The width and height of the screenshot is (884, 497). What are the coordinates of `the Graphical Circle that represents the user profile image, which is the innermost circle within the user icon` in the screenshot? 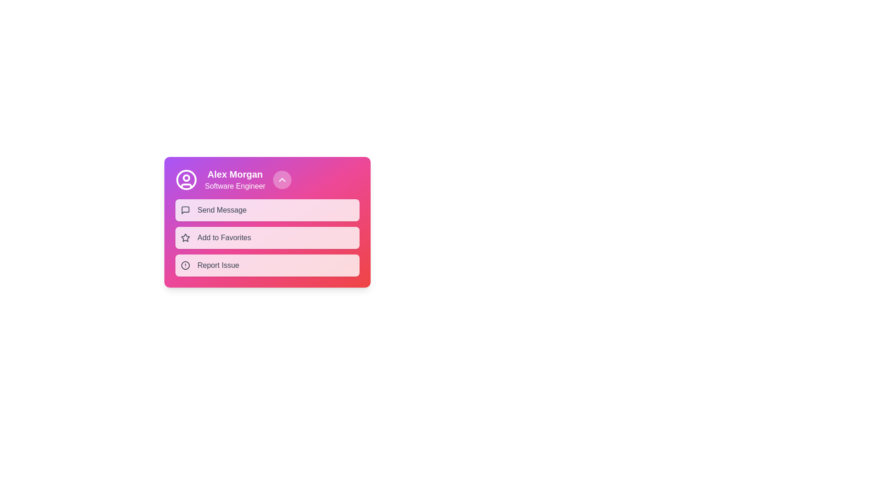 It's located at (186, 179).